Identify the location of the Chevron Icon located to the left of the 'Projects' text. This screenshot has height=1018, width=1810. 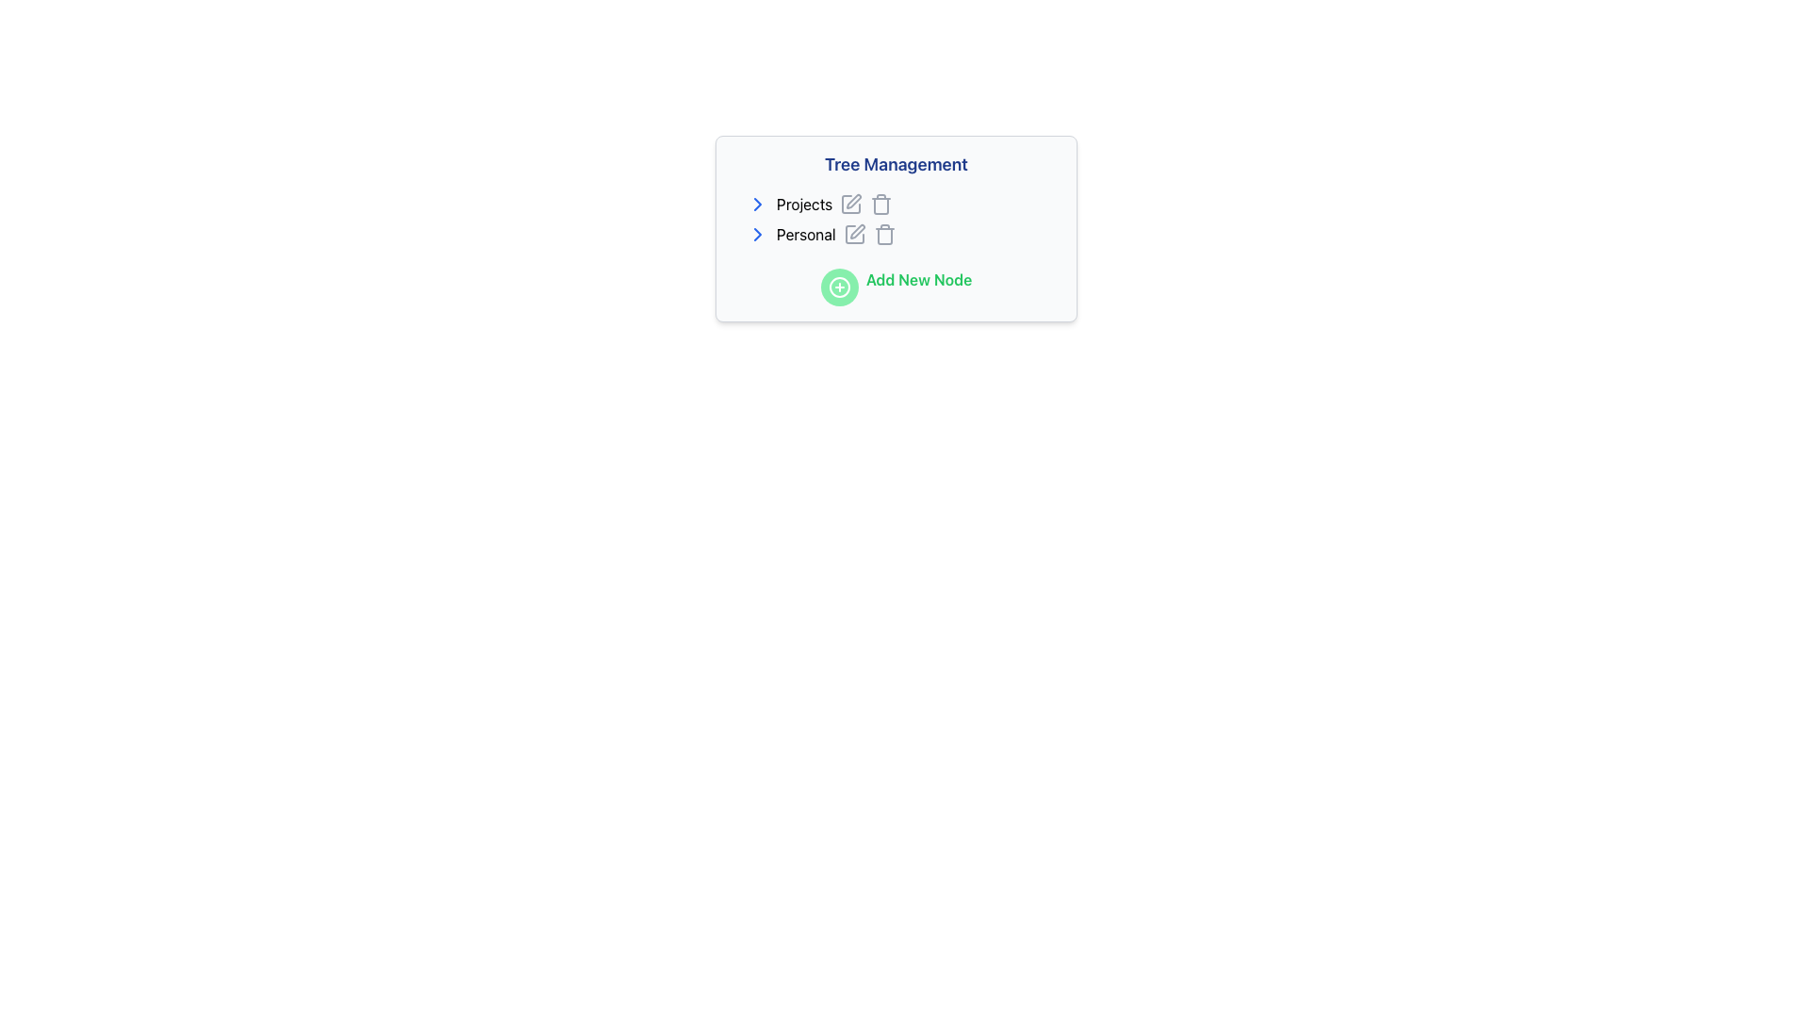
(758, 204).